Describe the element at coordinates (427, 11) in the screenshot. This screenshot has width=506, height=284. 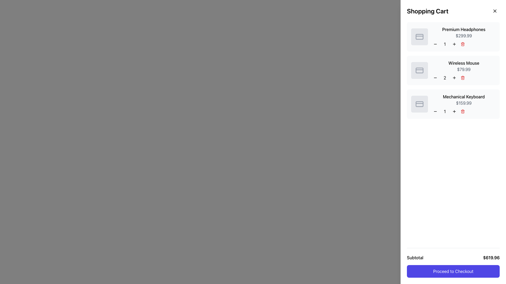
I see `the 'Shopping Cart' text label located in the top left corner of the shopping cart panel` at that location.